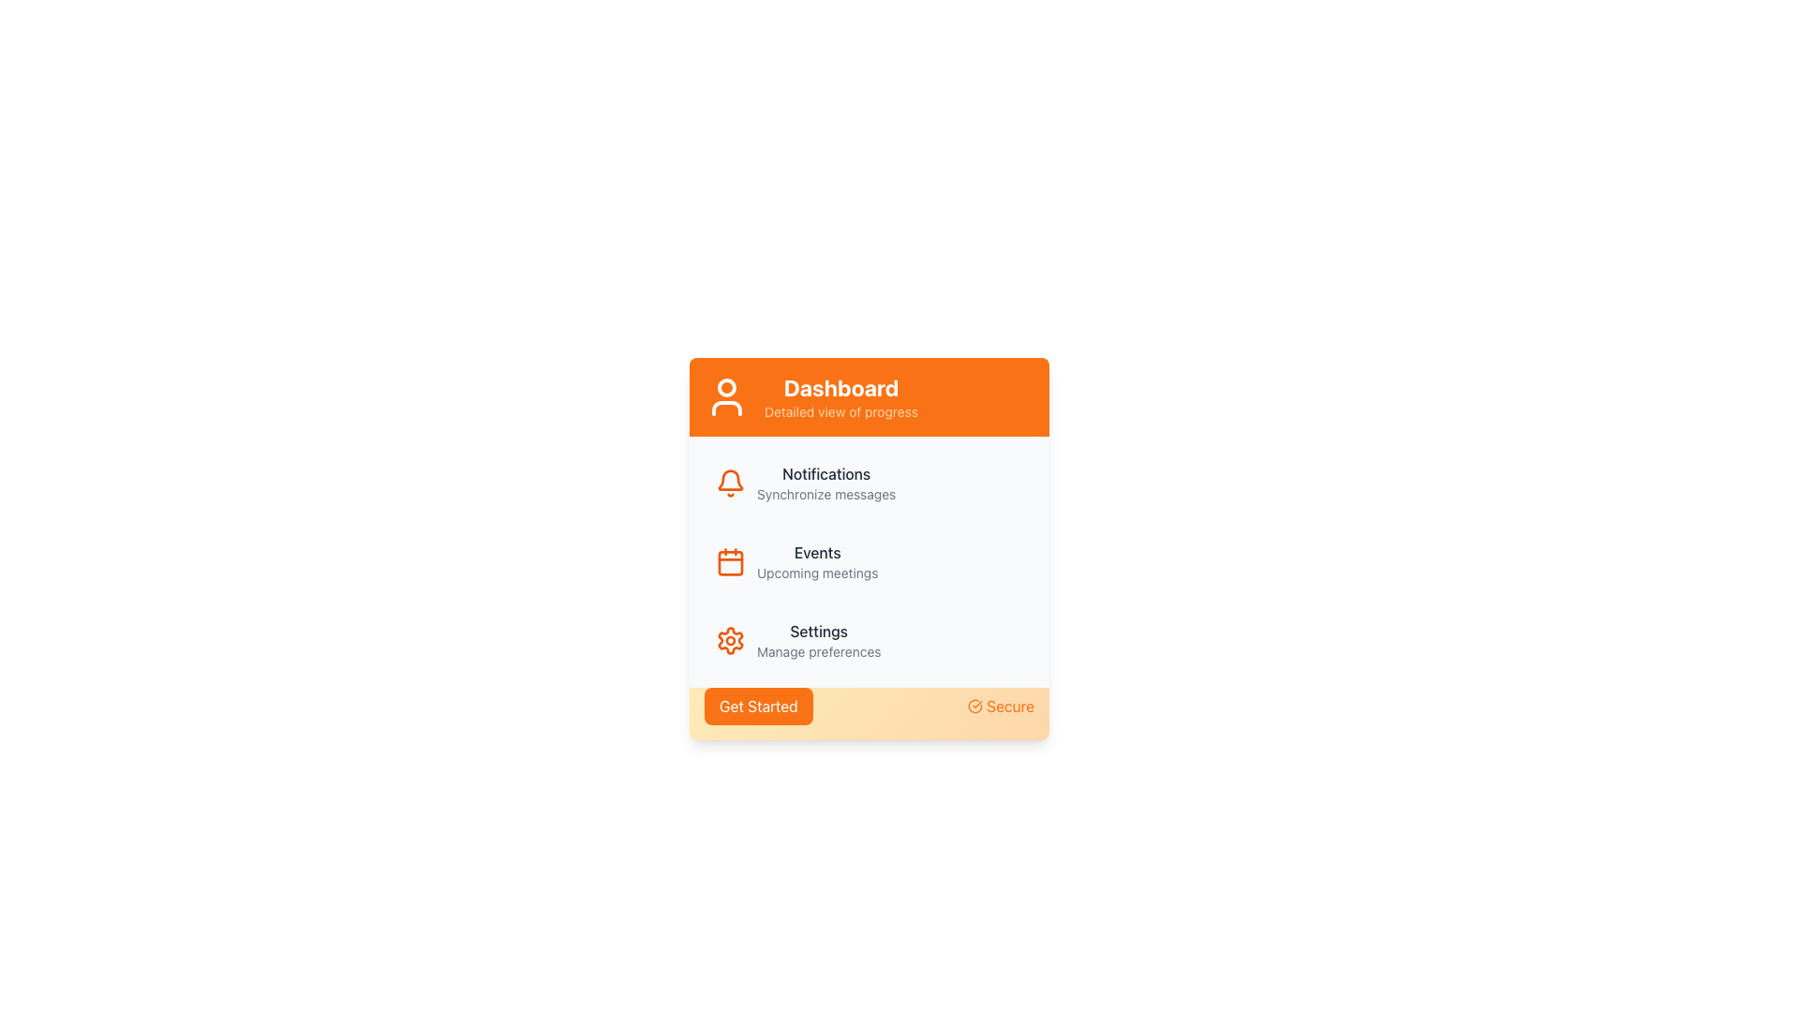 This screenshot has width=1799, height=1012. I want to click on the Notifications button, which features a bell icon and text indicating 'Notifications' and 'Synchronize messages', located in the vertical menu under the Dashboard header, so click(868, 483).